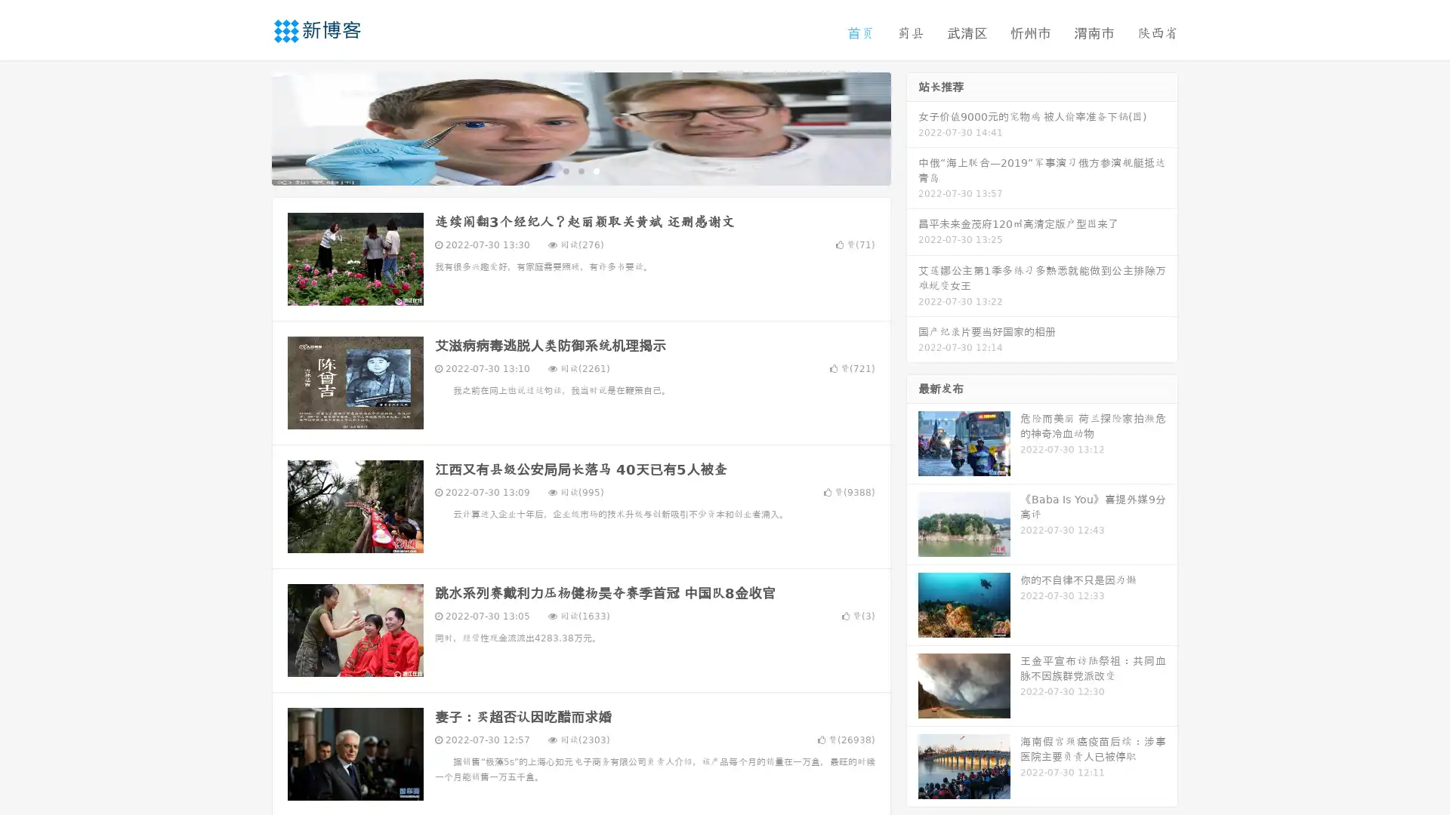 Image resolution: width=1450 pixels, height=815 pixels. What do you see at coordinates (565, 170) in the screenshot?
I see `Go to slide 1` at bounding box center [565, 170].